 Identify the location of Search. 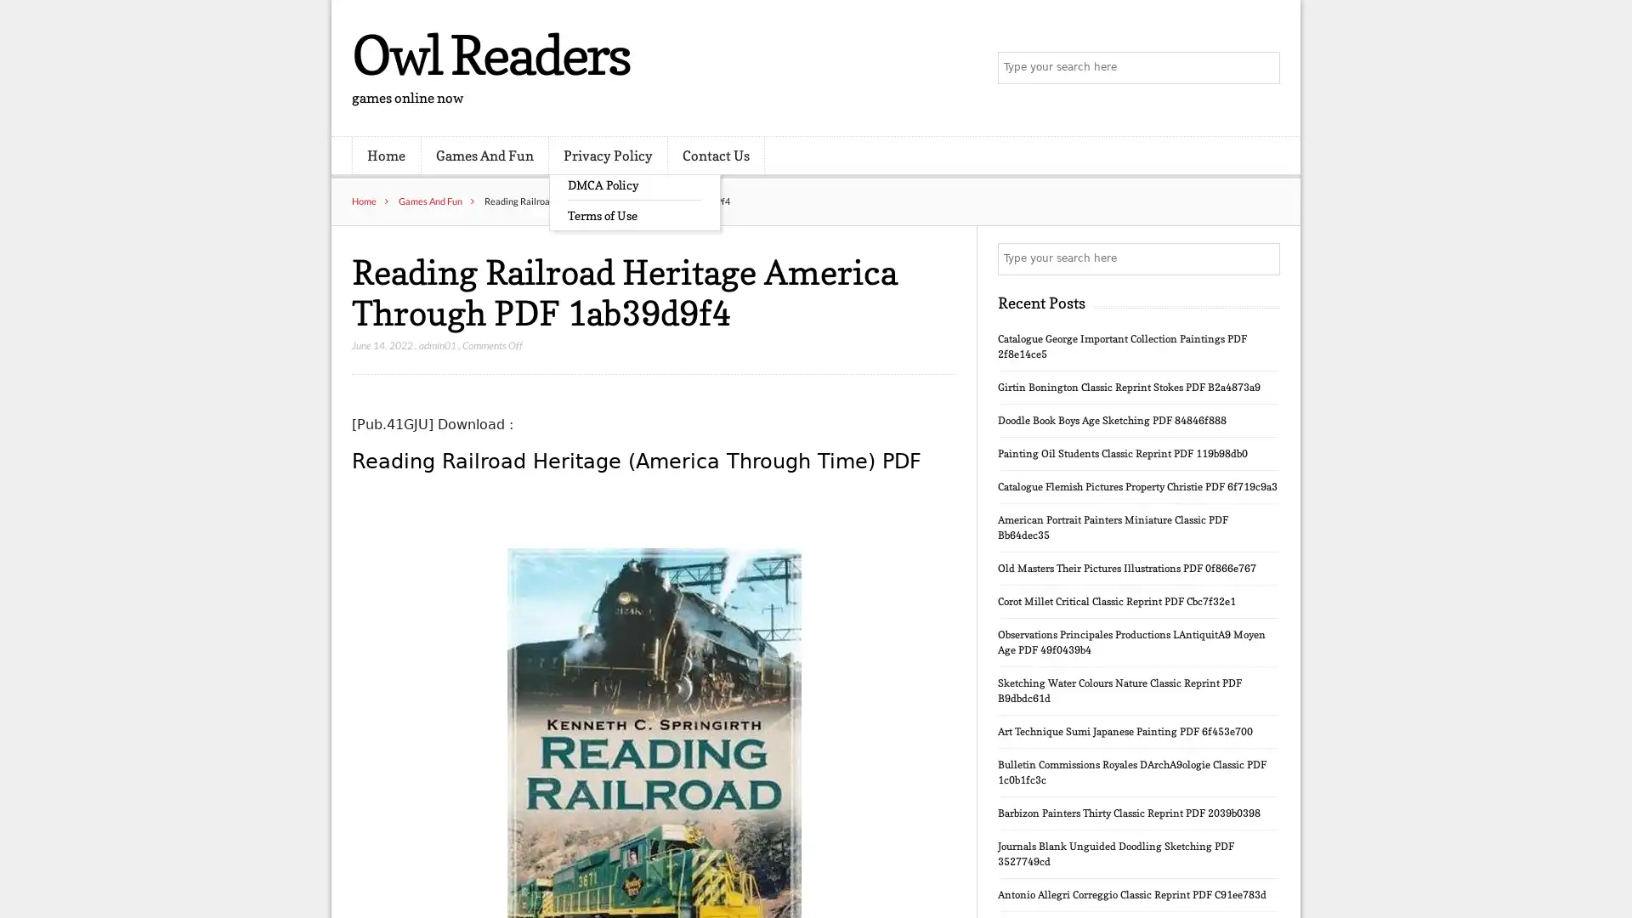
(1262, 68).